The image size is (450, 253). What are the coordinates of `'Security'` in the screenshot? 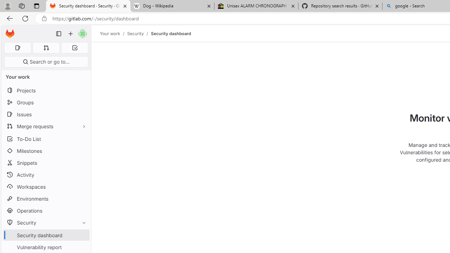 It's located at (135, 33).